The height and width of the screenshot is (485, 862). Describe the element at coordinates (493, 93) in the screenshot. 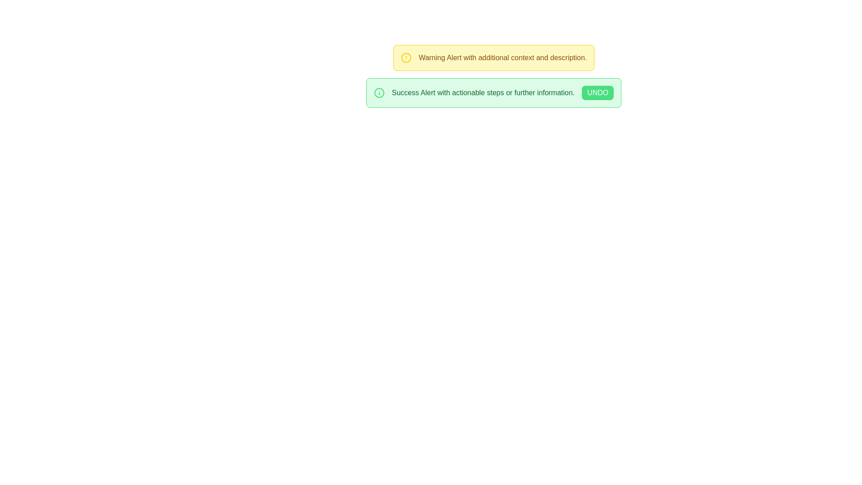

I see `the rounded rectangular notification box with a green background that contains the message 'Success Alert with actionable steps or further information.' and the 'UNDO' button` at that location.